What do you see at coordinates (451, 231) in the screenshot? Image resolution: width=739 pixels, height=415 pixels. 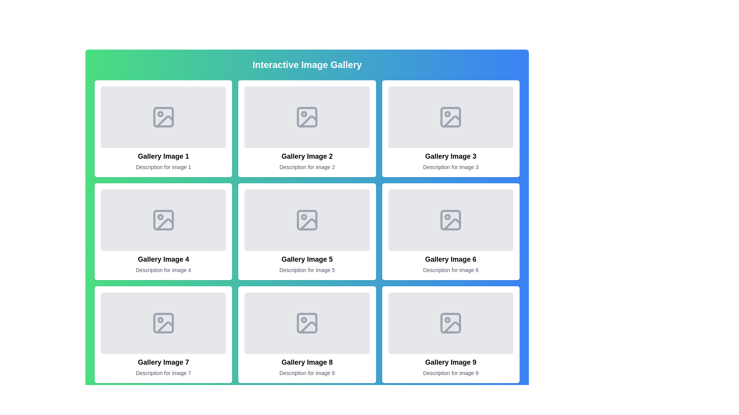 I see `the rectangular card with rounded edges that displays 'Gallery Image 6' in bold and 'Description for image 6' below it` at bounding box center [451, 231].